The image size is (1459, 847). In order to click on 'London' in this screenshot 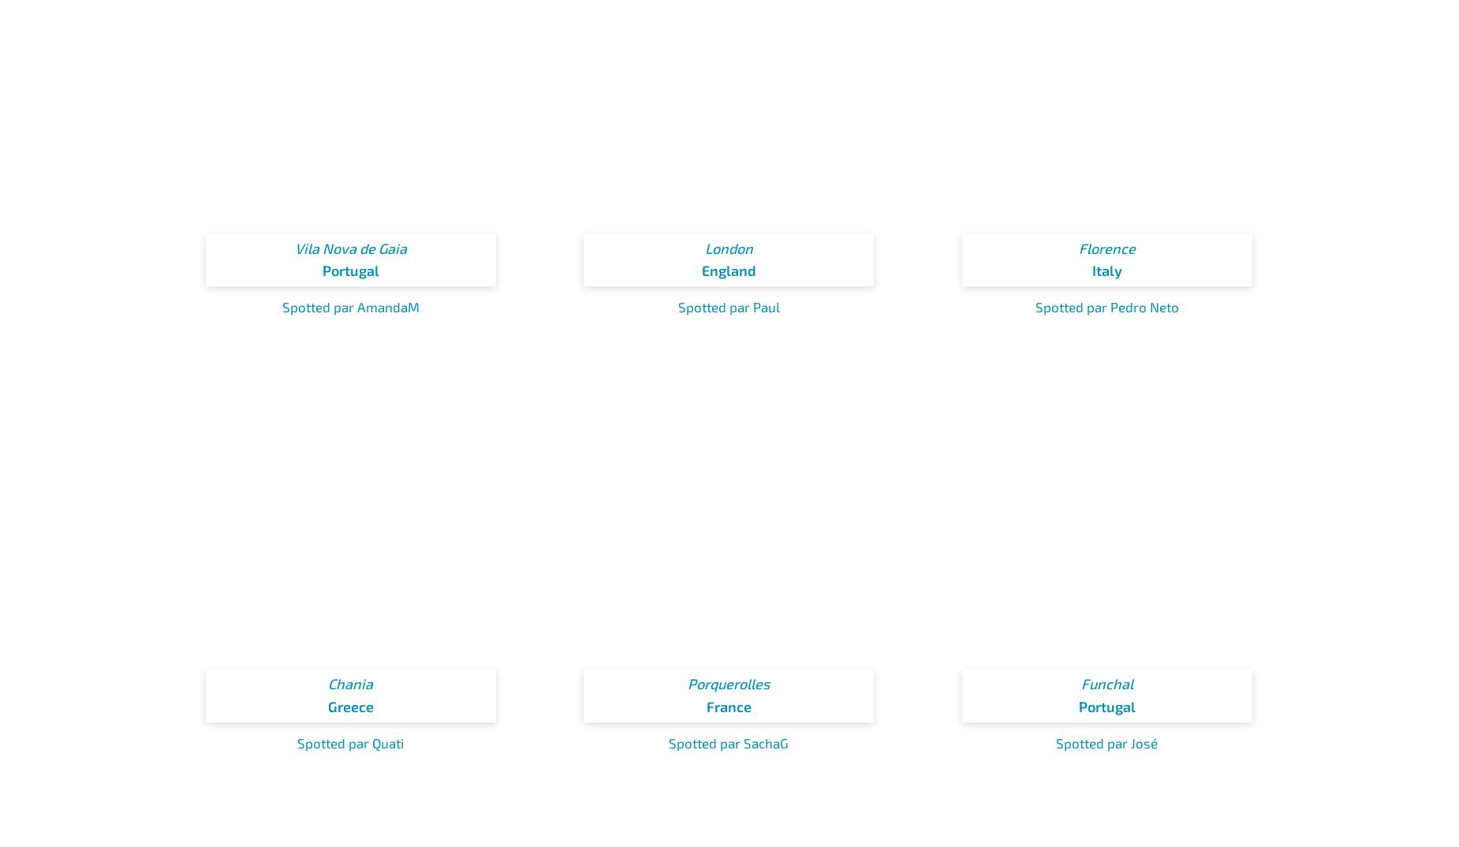, I will do `click(728, 248)`.